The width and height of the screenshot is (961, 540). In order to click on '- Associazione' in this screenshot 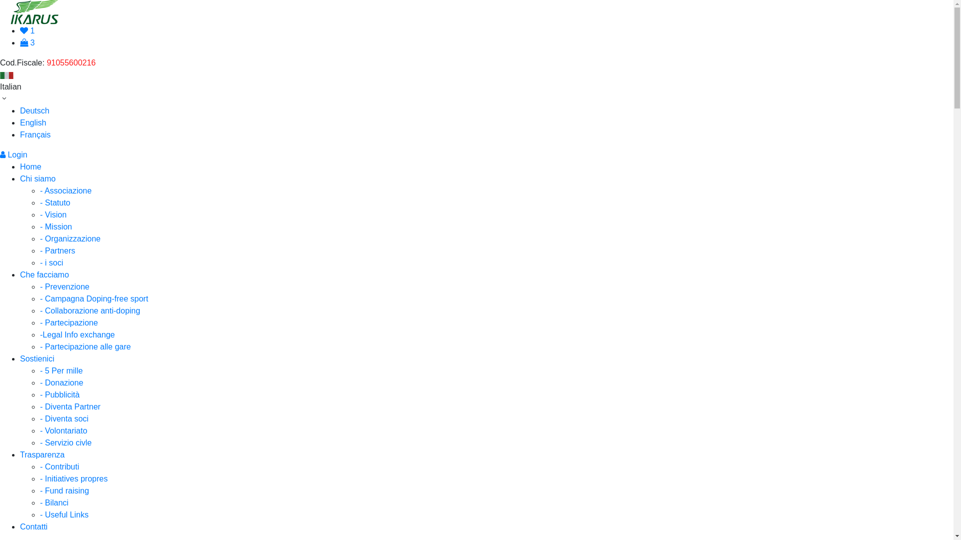, I will do `click(65, 190)`.